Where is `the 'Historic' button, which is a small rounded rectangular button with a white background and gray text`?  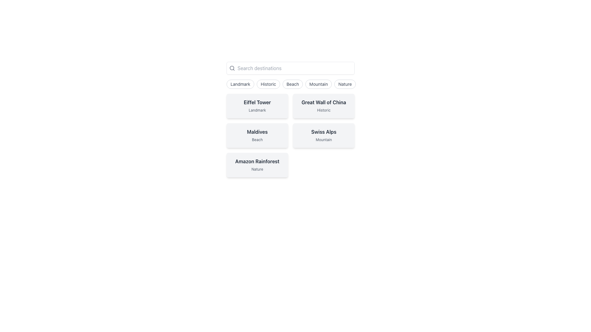 the 'Historic' button, which is a small rounded rectangular button with a white background and gray text is located at coordinates (268, 84).